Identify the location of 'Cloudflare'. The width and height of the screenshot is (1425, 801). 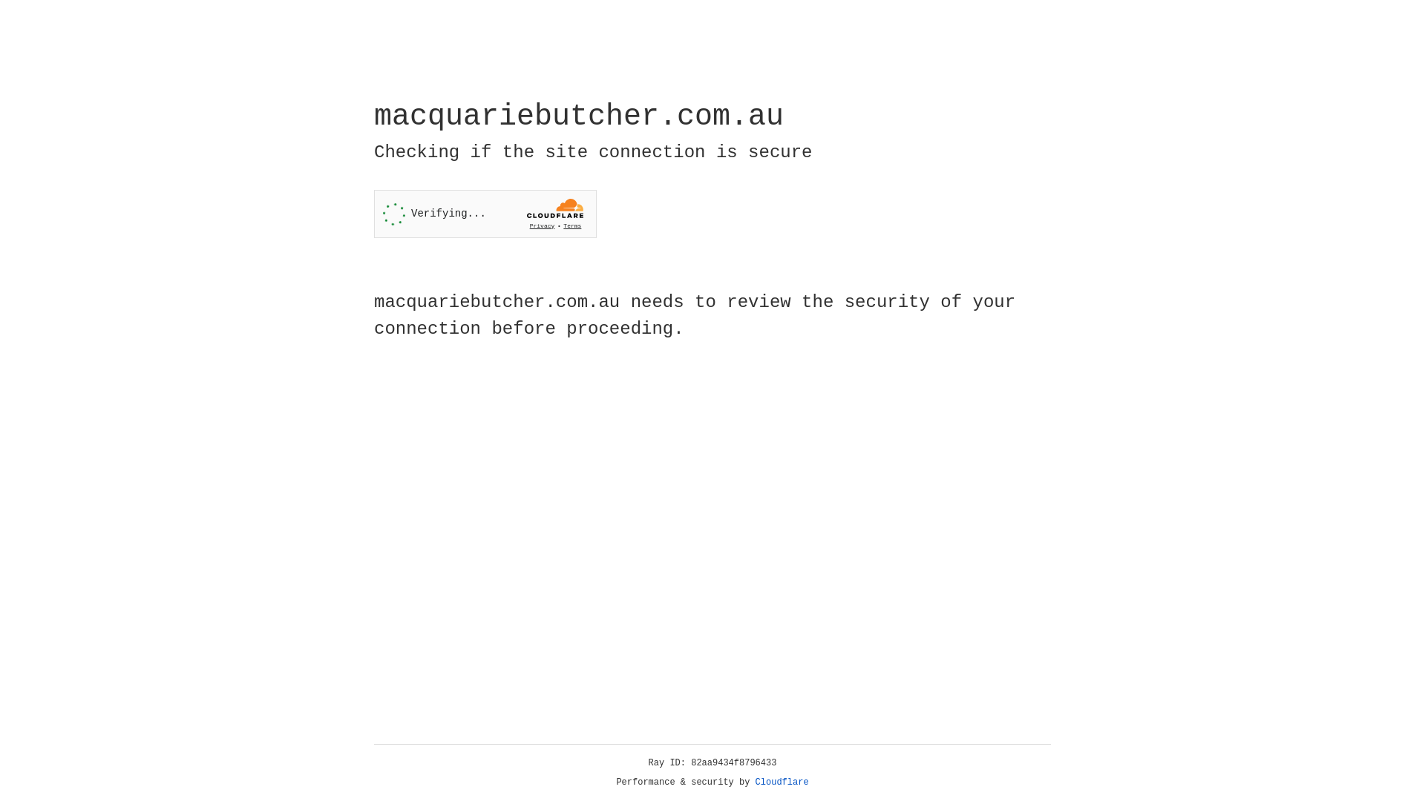
(755, 782).